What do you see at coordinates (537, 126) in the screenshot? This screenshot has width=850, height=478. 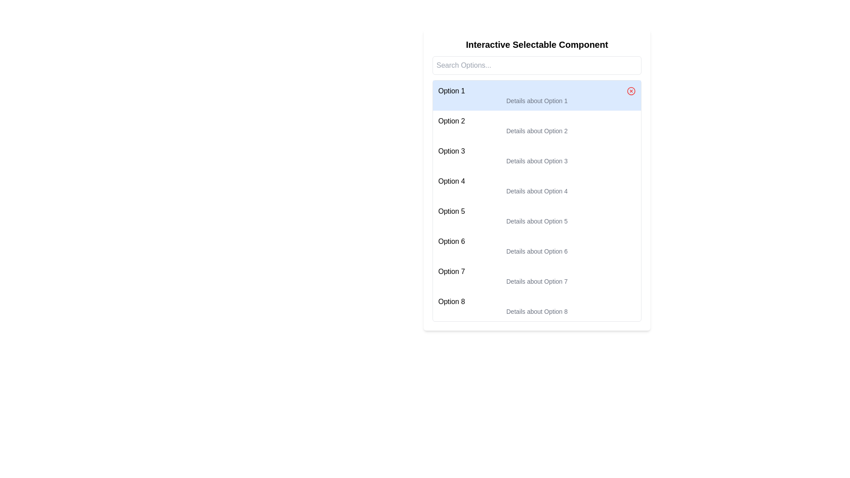 I see `the interactive list item representing 'Option 2'` at bounding box center [537, 126].